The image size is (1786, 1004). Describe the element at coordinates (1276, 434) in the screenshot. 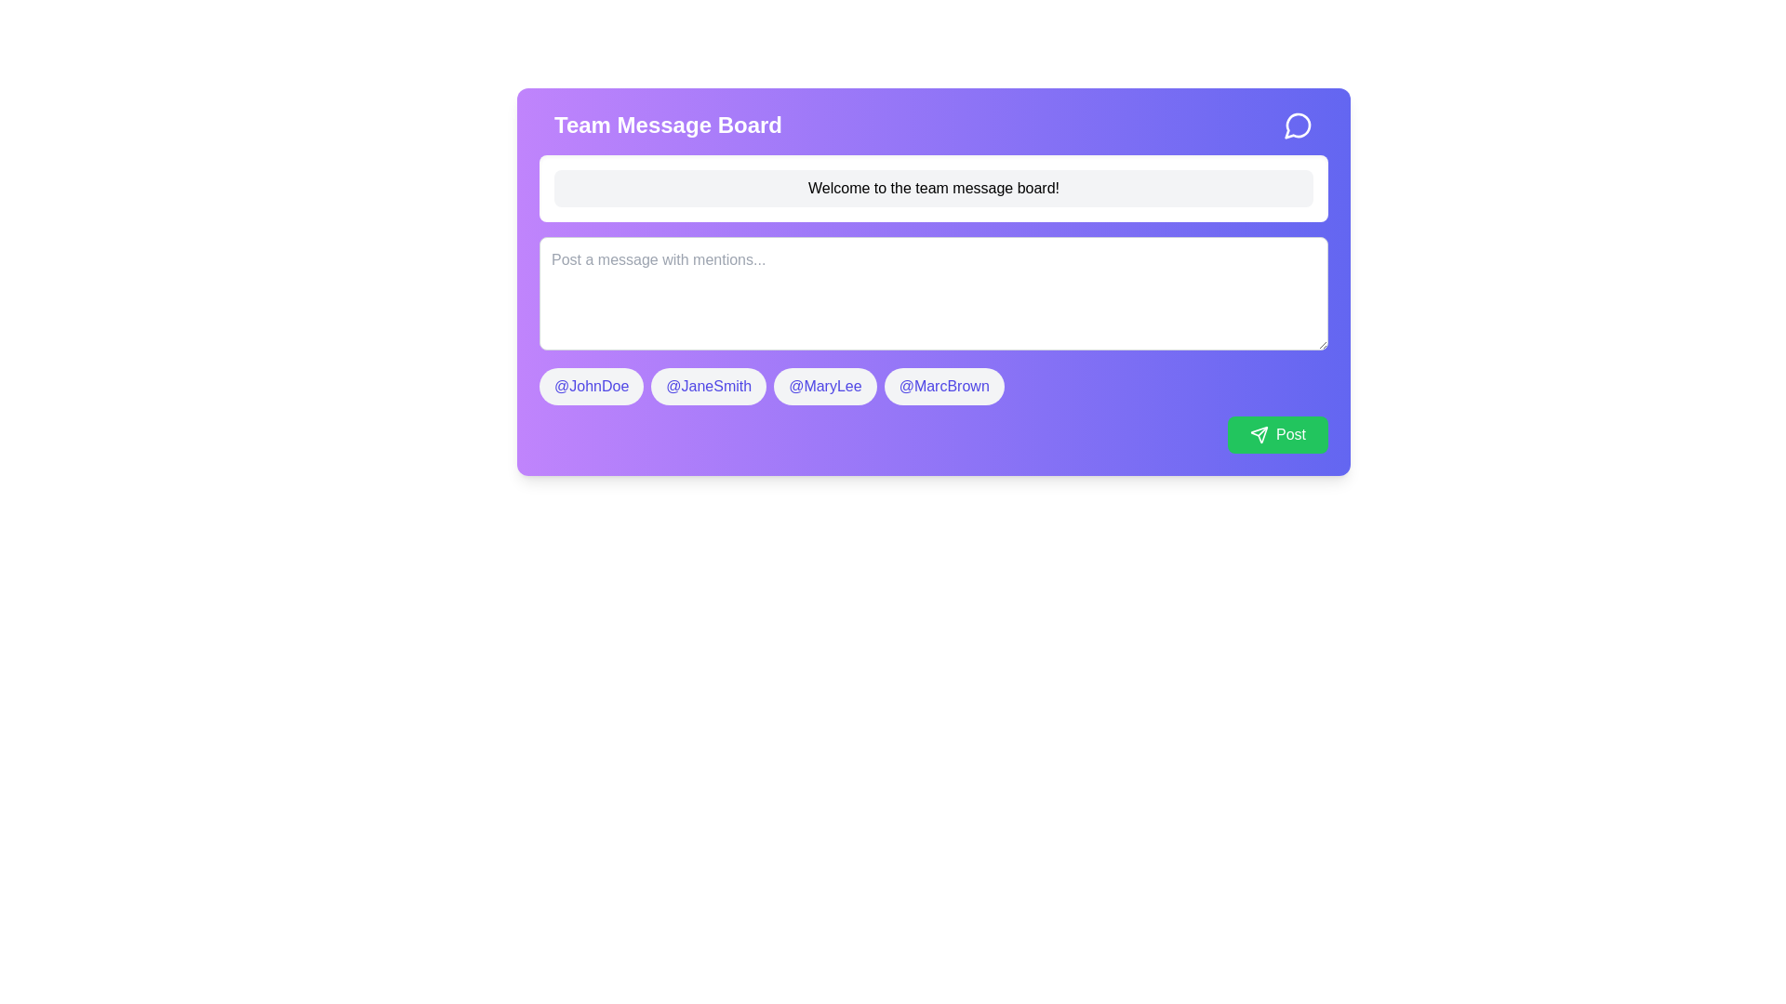

I see `the green rectangular button labeled 'Post'` at that location.